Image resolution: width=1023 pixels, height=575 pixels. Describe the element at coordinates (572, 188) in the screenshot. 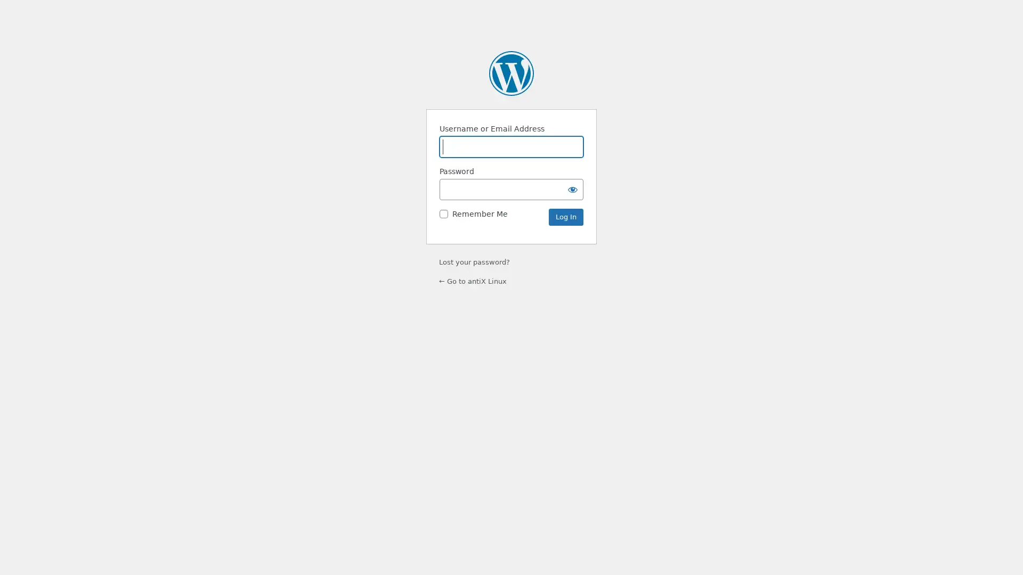

I see `Show password` at that location.